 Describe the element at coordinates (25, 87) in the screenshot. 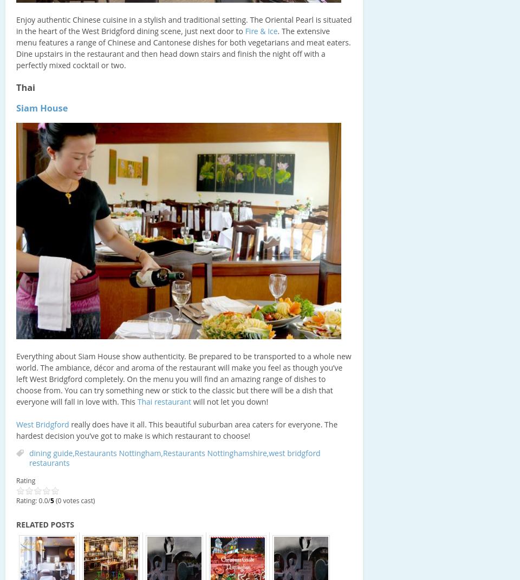

I see `'Thai'` at that location.